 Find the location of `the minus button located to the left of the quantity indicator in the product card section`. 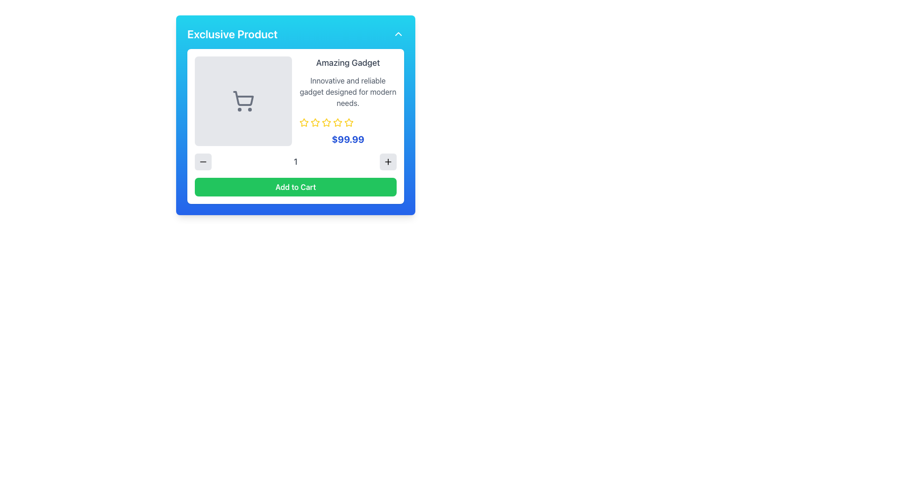

the minus button located to the left of the quantity indicator in the product card section is located at coordinates (203, 161).